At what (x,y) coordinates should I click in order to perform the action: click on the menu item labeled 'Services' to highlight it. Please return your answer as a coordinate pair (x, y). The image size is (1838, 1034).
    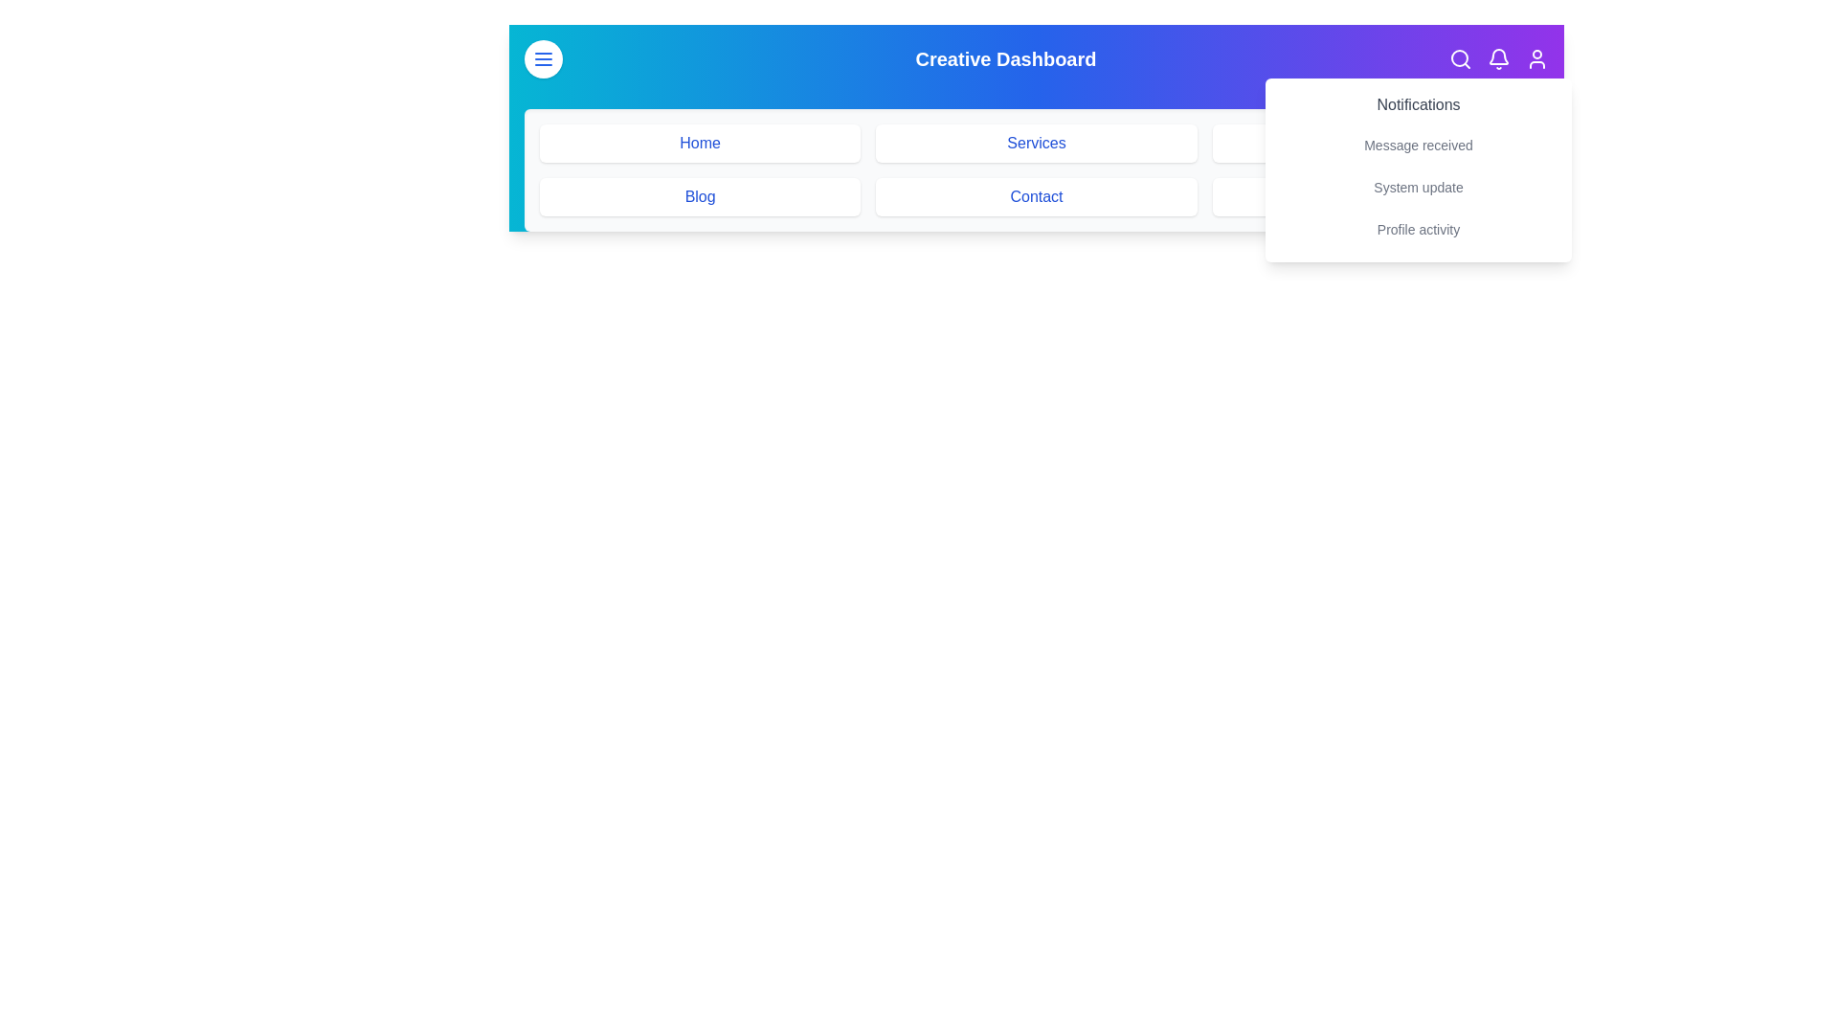
    Looking at the image, I should click on (1036, 143).